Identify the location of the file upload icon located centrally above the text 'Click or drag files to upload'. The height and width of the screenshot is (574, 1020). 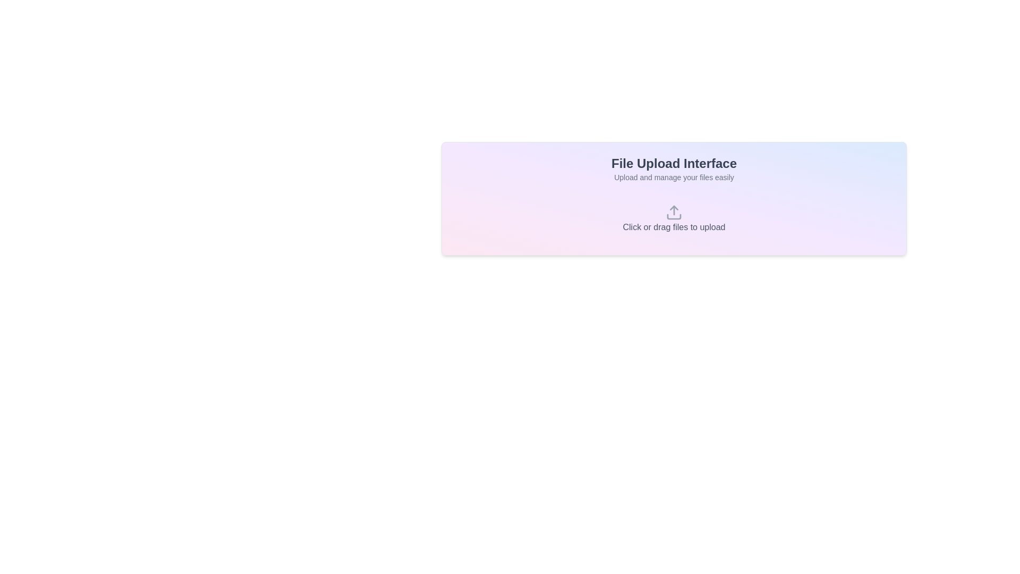
(673, 213).